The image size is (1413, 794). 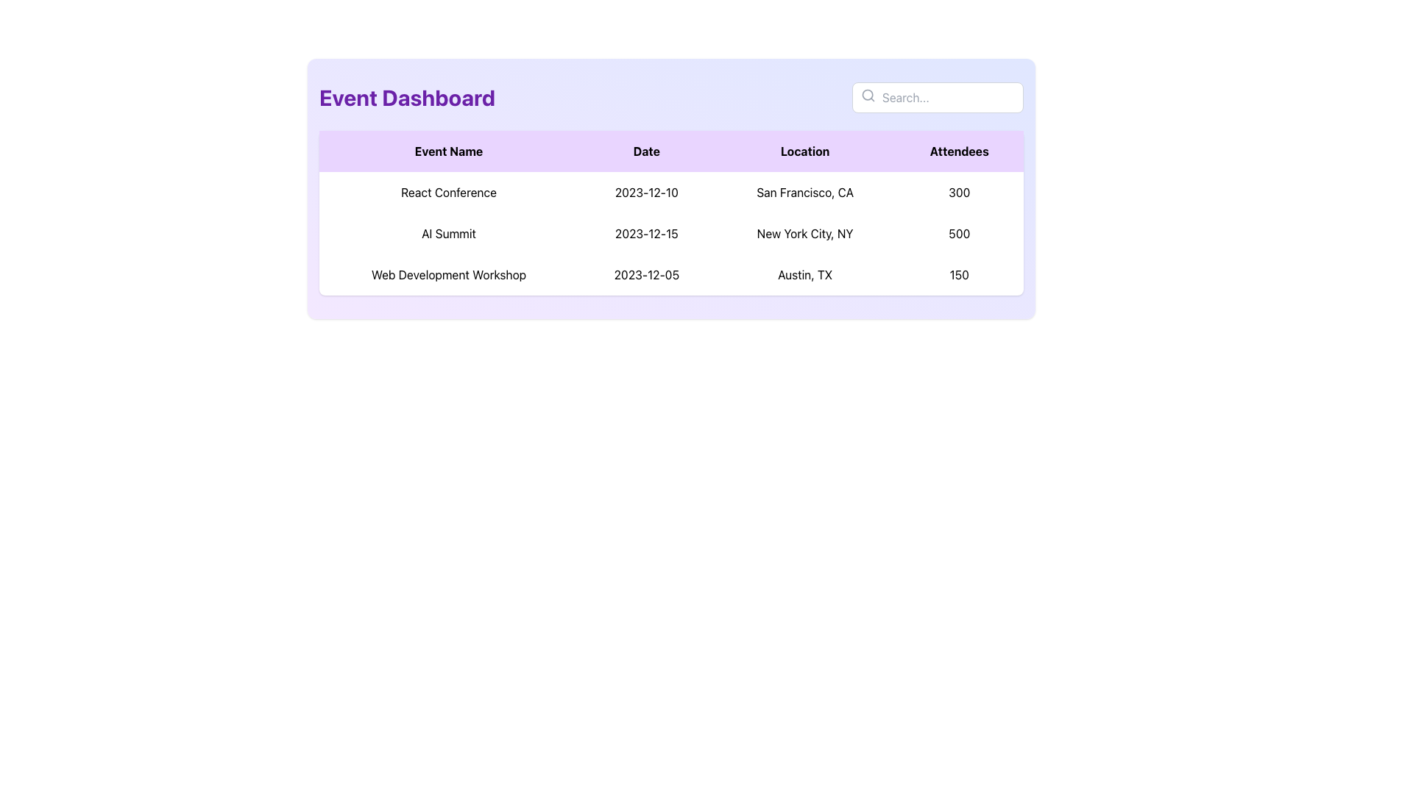 I want to click on the 'Date' column header in the table, which is the second column header situated between 'Event Name' and 'Location', so click(x=646, y=151).